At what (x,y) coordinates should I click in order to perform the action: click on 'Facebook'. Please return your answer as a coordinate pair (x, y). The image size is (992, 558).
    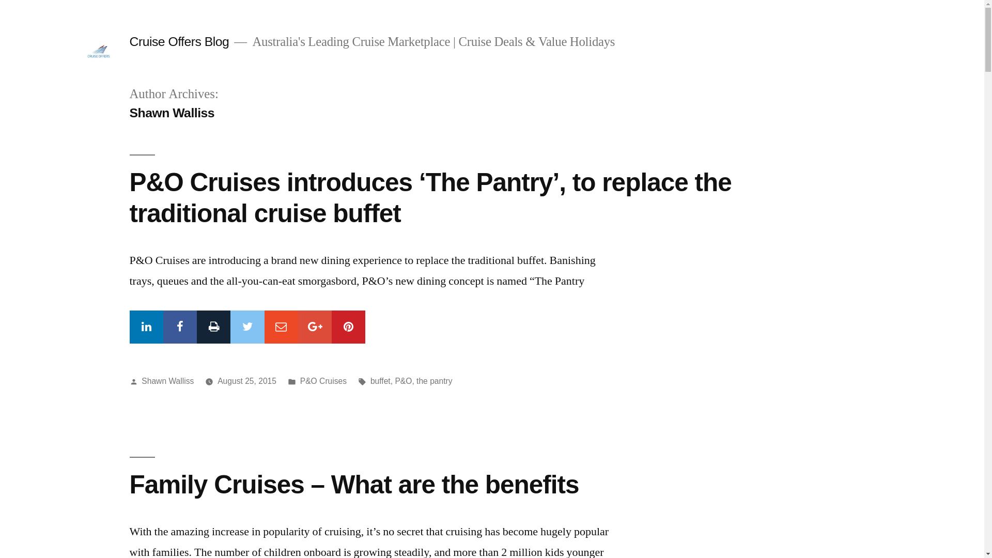
    Looking at the image, I should click on (180, 327).